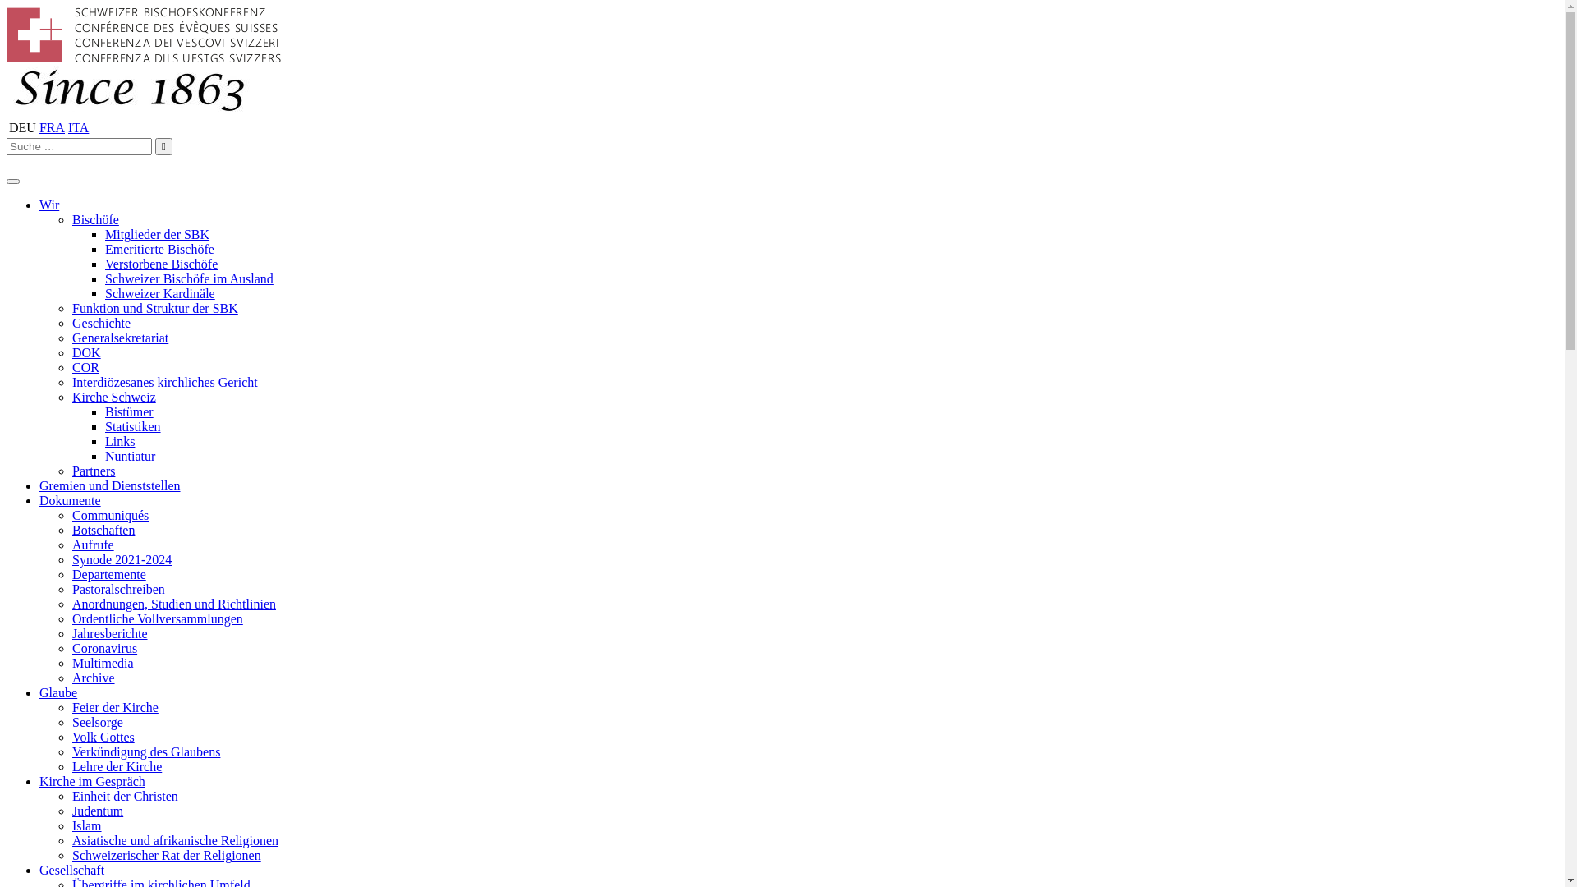 This screenshot has width=1577, height=887. I want to click on 'Wir', so click(48, 204).